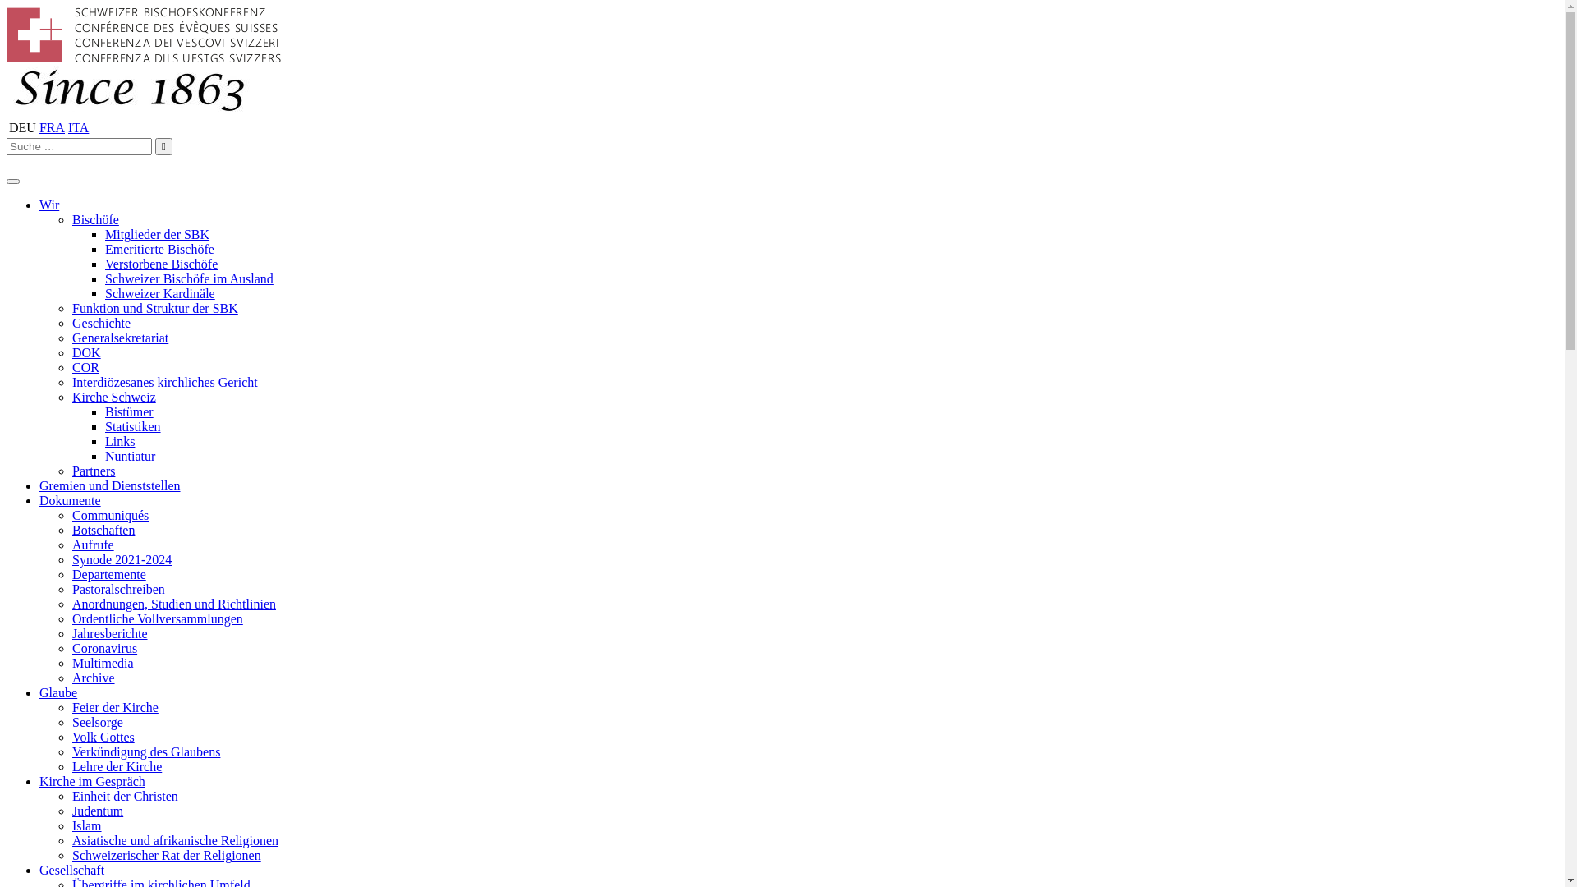 This screenshot has width=1577, height=887. I want to click on 'Wir', so click(48, 204).